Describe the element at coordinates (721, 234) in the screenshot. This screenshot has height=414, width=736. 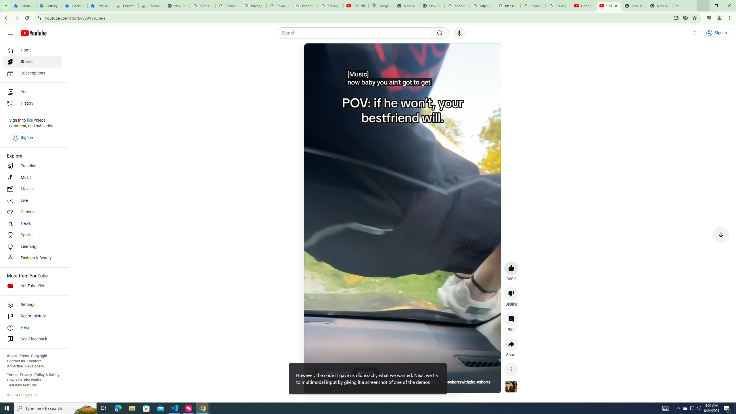
I see `'Next video'` at that location.